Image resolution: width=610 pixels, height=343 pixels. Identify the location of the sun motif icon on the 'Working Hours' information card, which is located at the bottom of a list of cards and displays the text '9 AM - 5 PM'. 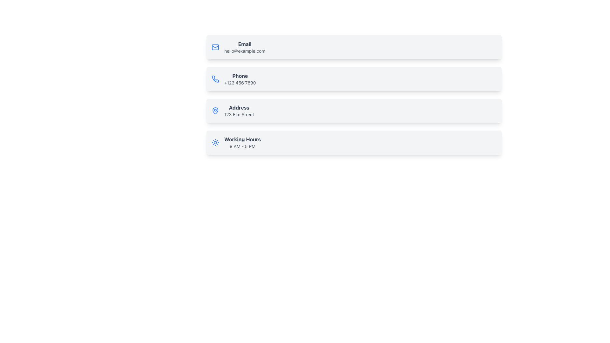
(215, 142).